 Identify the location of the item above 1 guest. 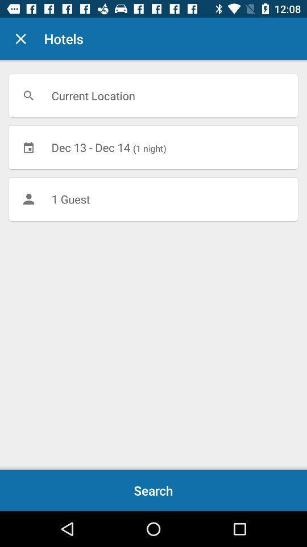
(153, 146).